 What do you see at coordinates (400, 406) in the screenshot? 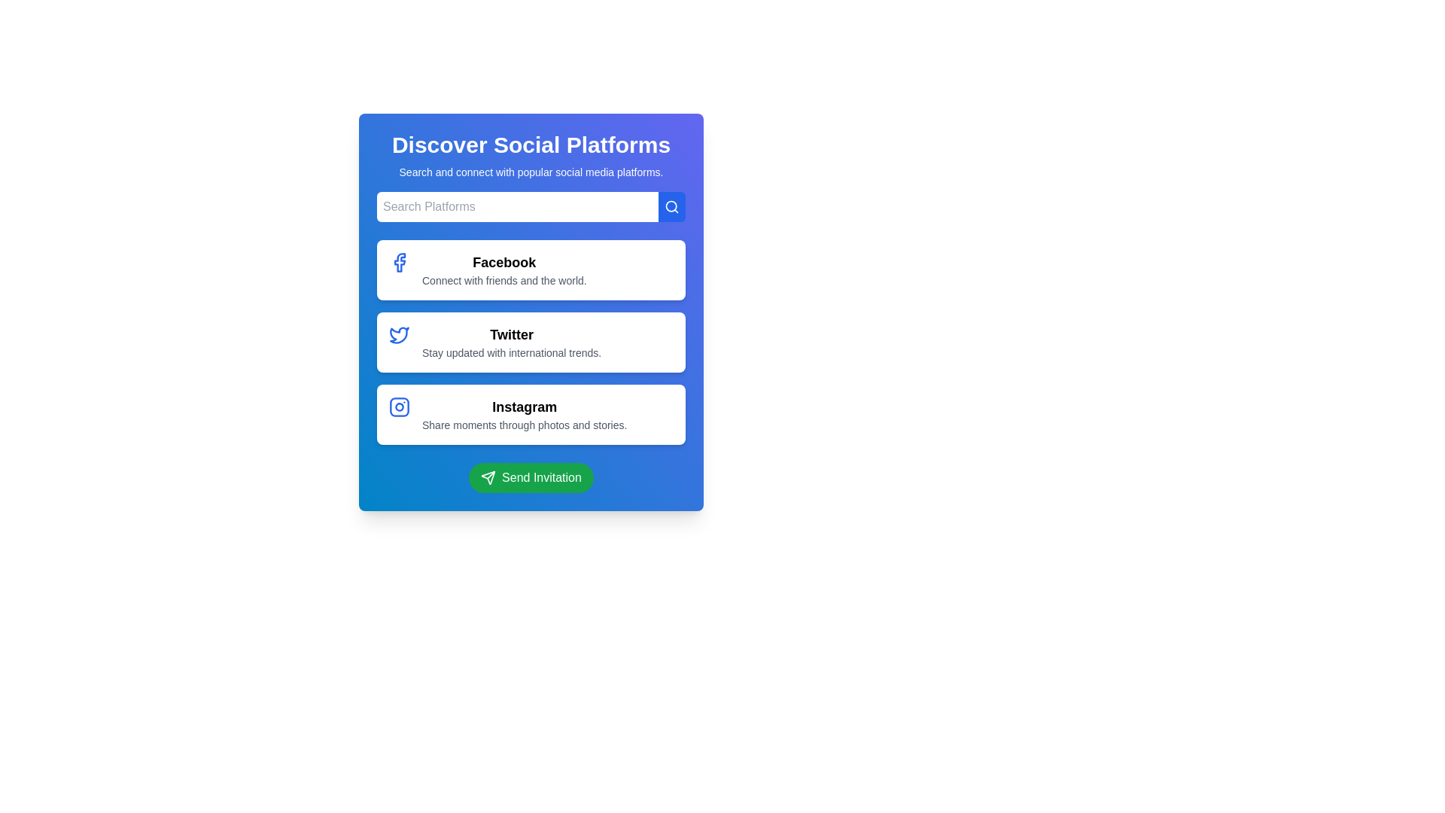
I see `the blue-themed Instagram icon, which is located to the left of the text 'Instagram' in the third card-like section under 'Discover Social Platforms'` at bounding box center [400, 406].